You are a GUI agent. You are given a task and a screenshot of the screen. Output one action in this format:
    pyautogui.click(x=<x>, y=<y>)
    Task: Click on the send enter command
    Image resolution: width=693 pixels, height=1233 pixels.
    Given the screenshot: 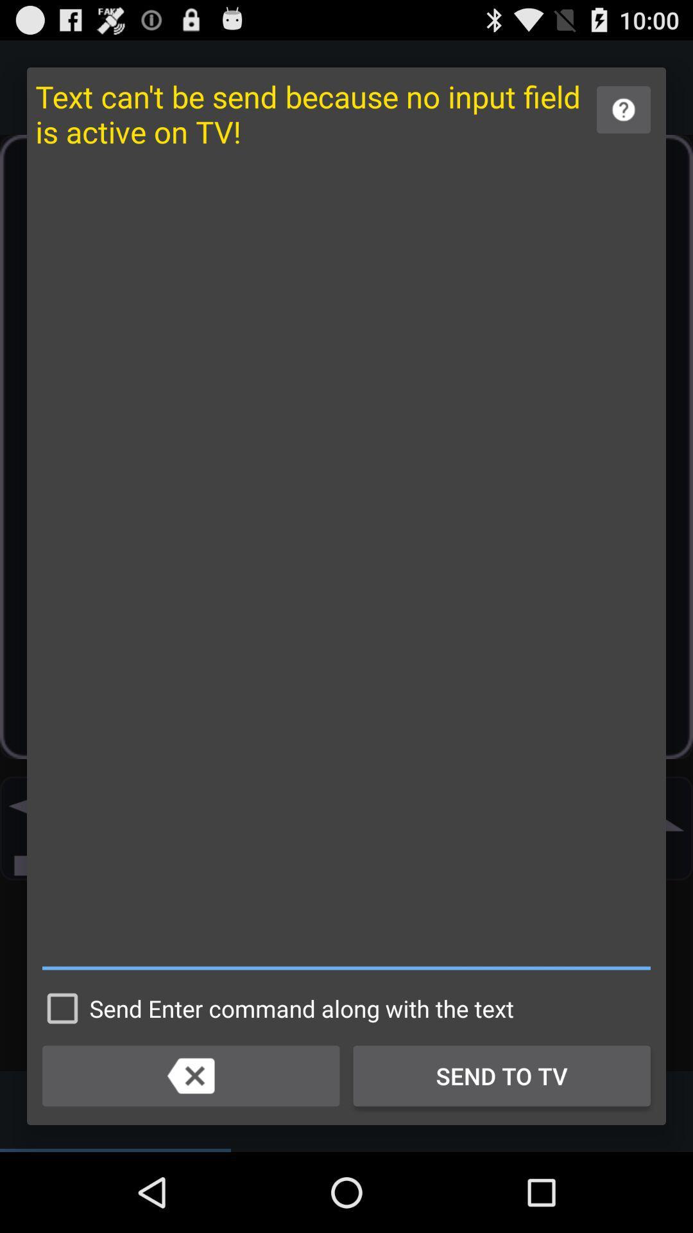 What is the action you would take?
    pyautogui.click(x=274, y=1008)
    